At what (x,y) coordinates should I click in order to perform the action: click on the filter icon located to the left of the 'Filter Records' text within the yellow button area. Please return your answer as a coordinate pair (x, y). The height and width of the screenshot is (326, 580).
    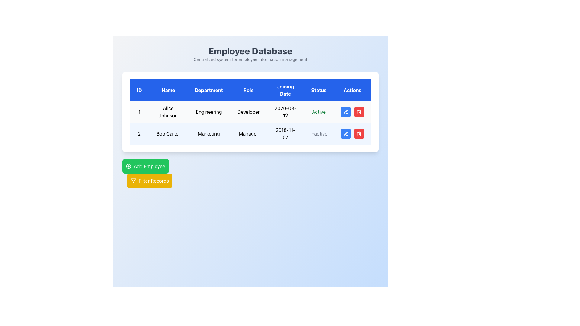
    Looking at the image, I should click on (133, 180).